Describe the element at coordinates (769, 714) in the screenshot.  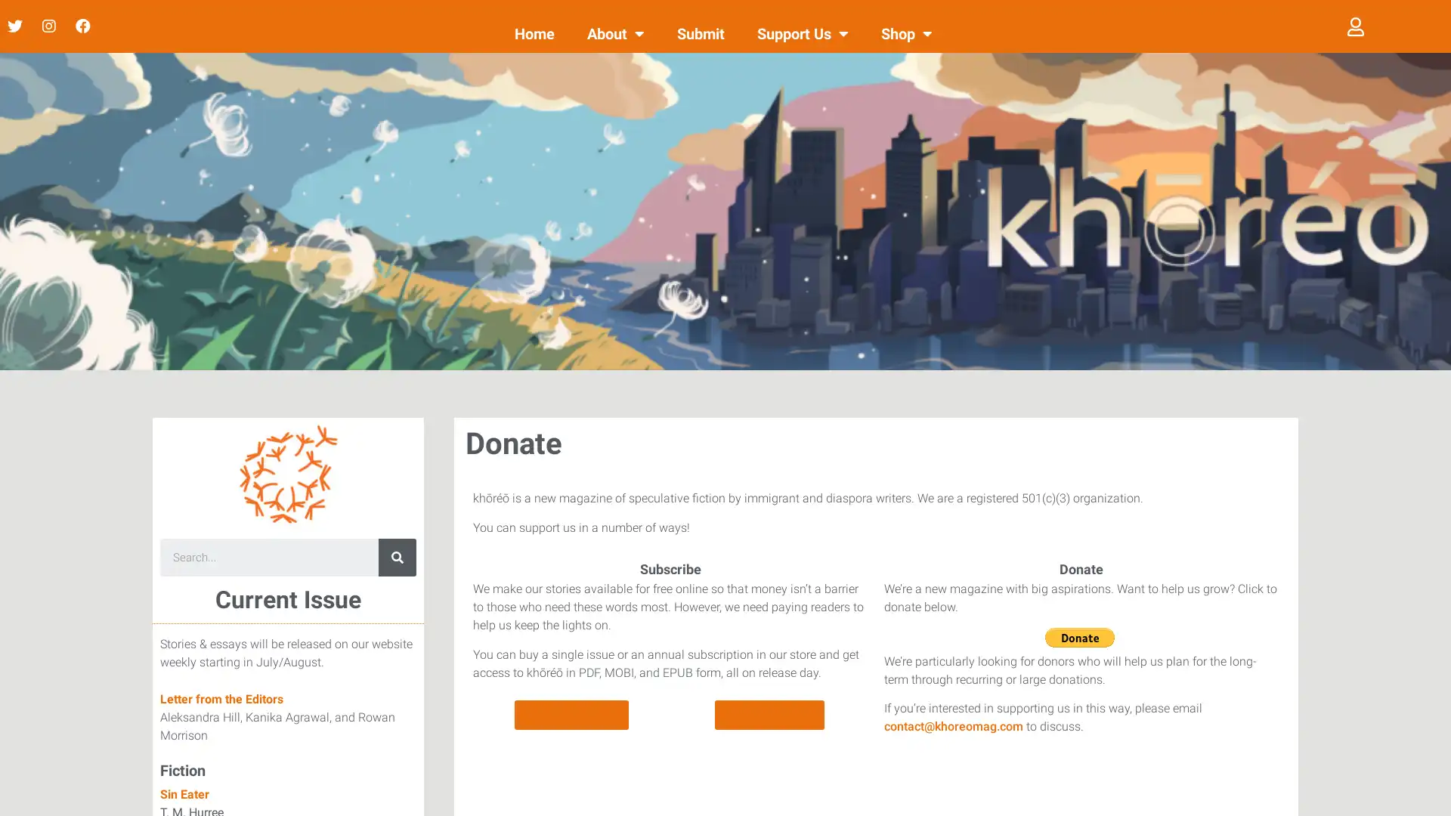
I see `On Weightless` at that location.